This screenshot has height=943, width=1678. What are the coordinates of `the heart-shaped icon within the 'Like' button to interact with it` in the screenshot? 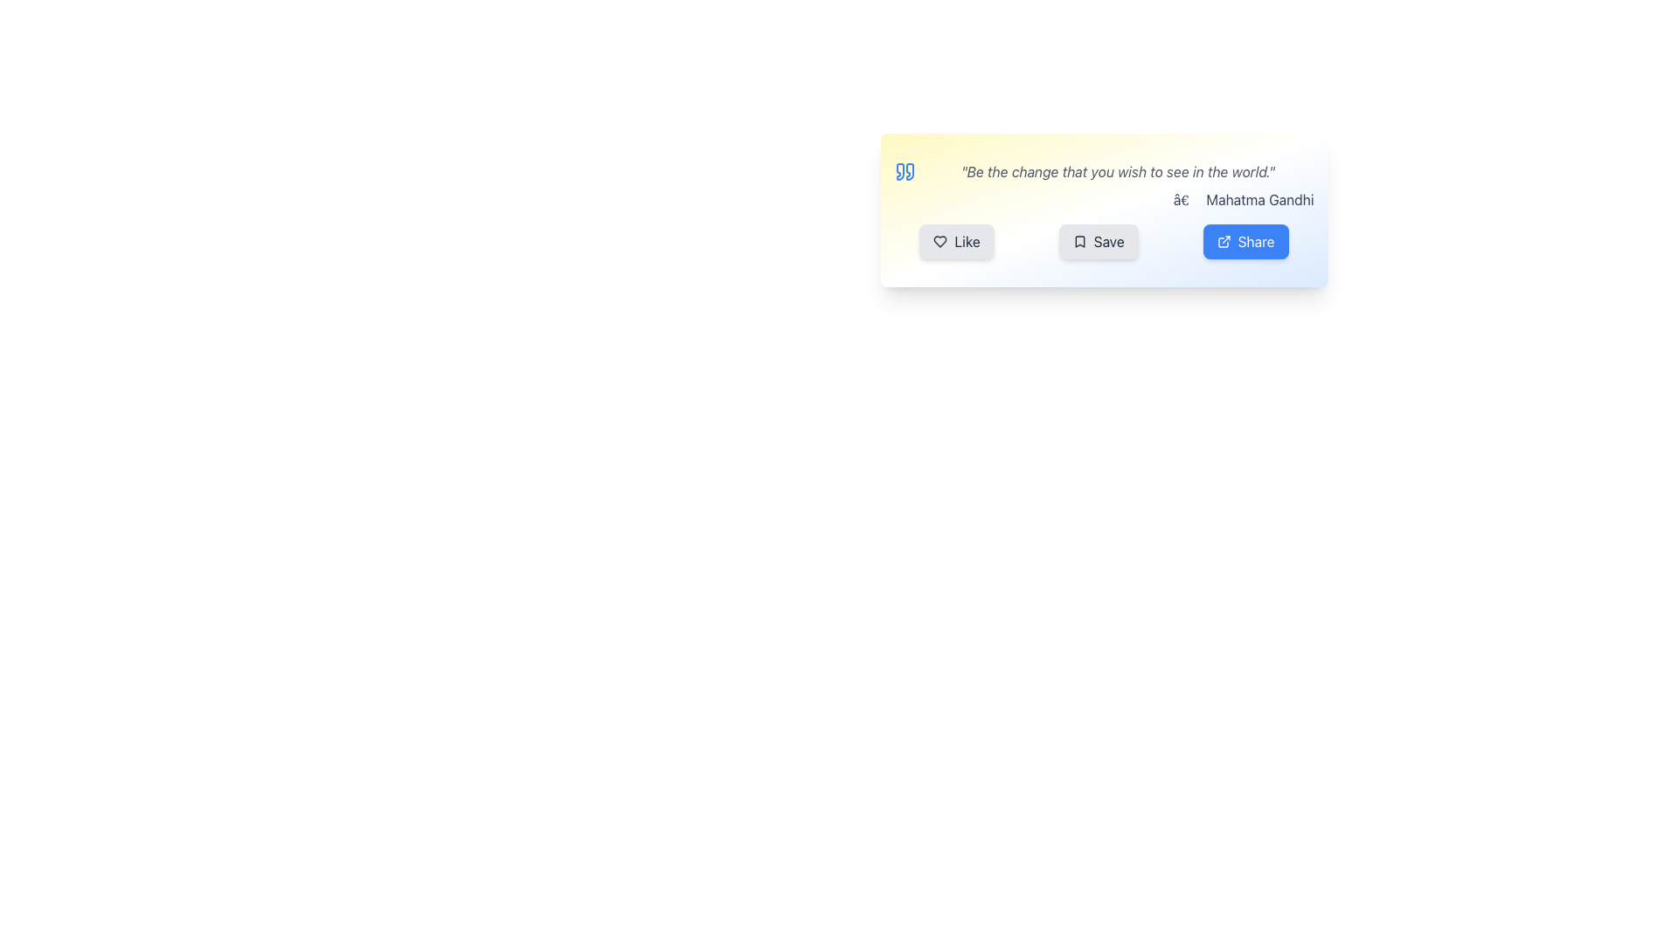 It's located at (940, 242).